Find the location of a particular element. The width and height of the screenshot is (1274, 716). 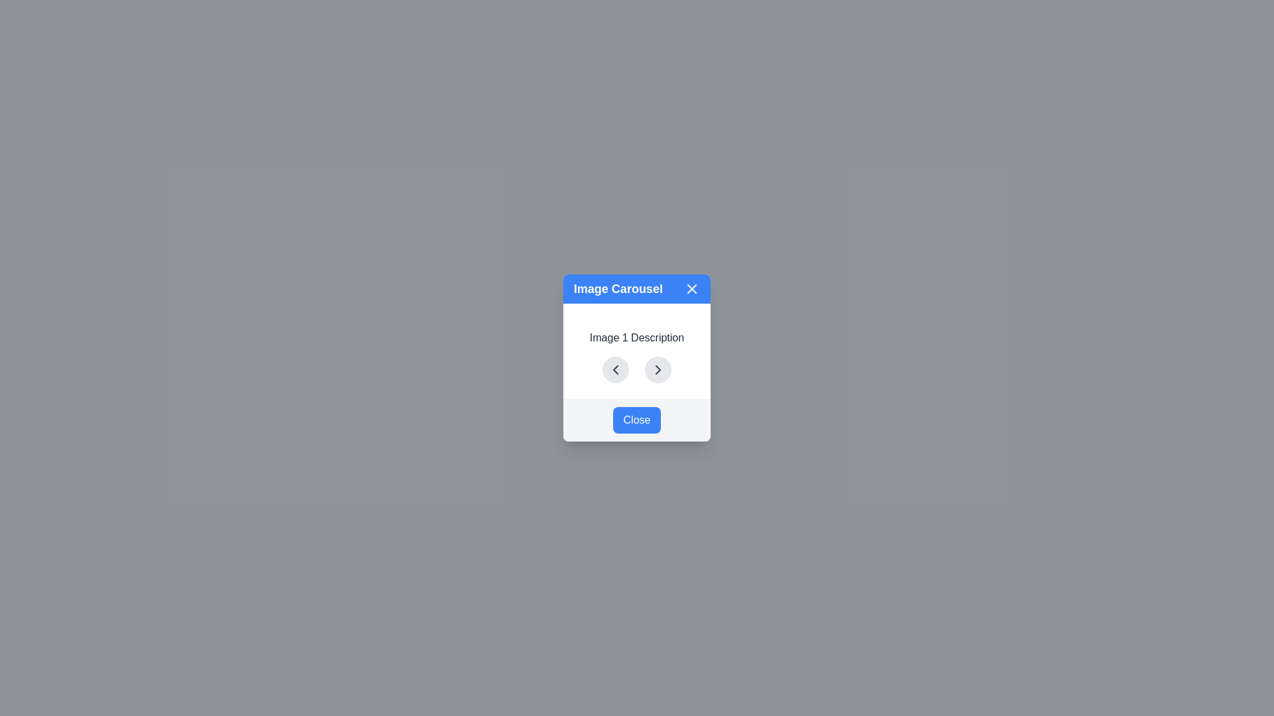

the leftward-facing chevron arrow in the 'Image Carousel' modal is located at coordinates (614, 370).